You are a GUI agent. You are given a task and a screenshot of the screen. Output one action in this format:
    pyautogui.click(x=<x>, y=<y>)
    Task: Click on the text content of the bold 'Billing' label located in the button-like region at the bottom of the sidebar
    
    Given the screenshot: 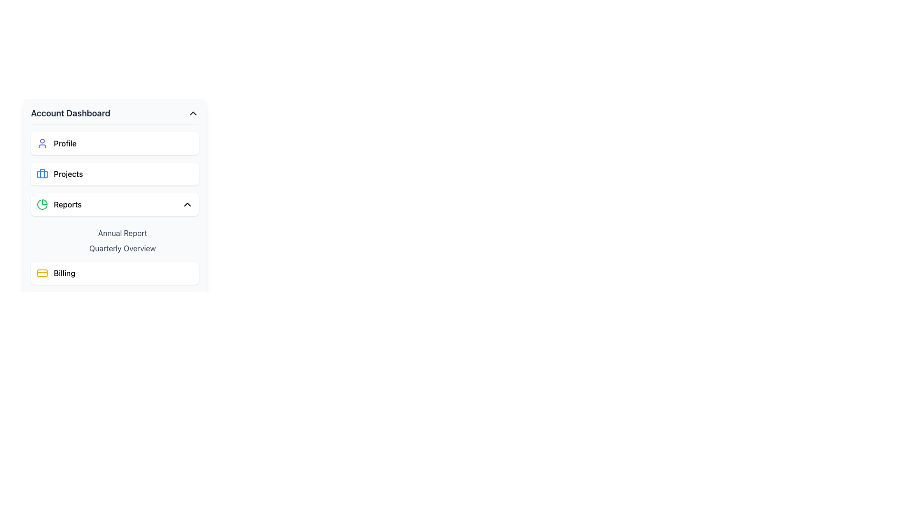 What is the action you would take?
    pyautogui.click(x=64, y=273)
    